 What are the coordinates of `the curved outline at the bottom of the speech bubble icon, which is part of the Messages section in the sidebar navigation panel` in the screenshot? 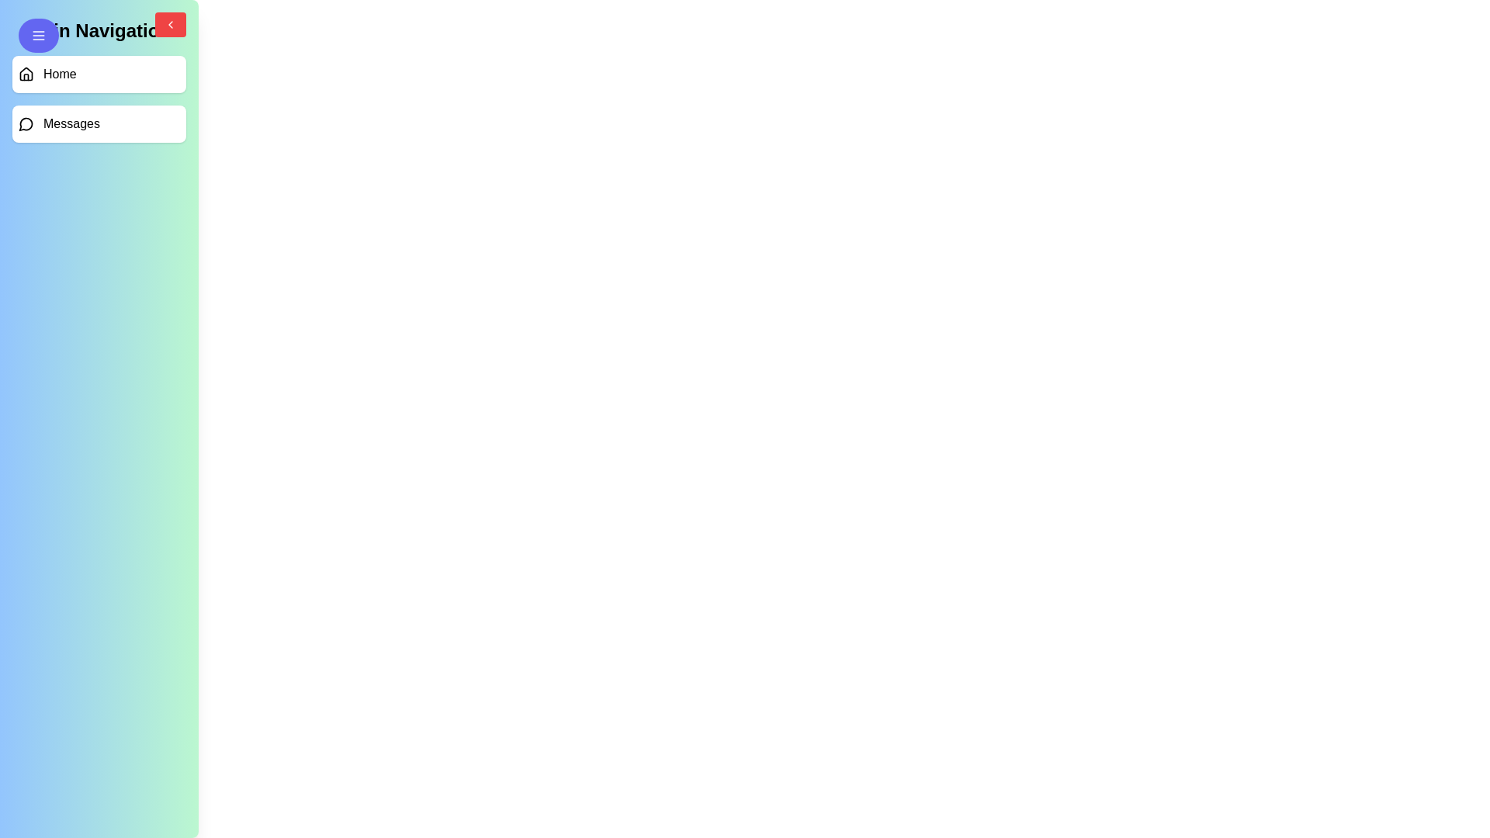 It's located at (26, 123).